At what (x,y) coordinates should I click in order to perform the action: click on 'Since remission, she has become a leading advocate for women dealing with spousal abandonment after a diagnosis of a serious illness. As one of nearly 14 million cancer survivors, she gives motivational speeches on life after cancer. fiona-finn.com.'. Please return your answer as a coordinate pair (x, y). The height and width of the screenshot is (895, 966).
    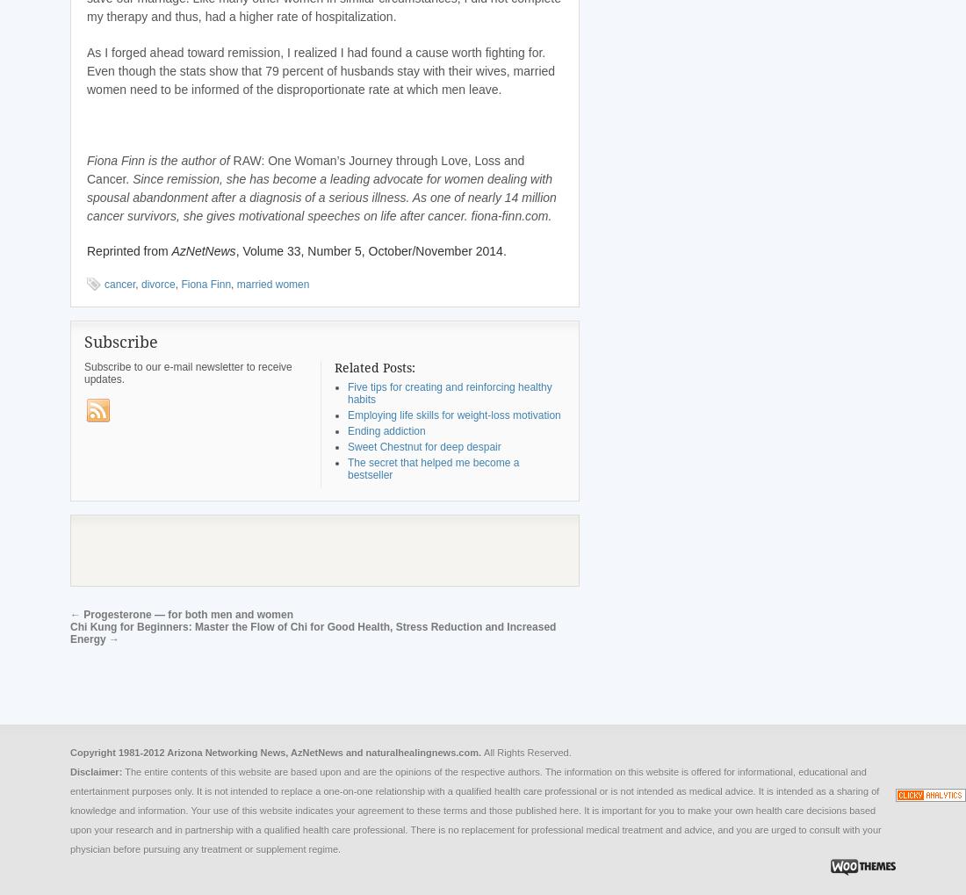
    Looking at the image, I should click on (87, 195).